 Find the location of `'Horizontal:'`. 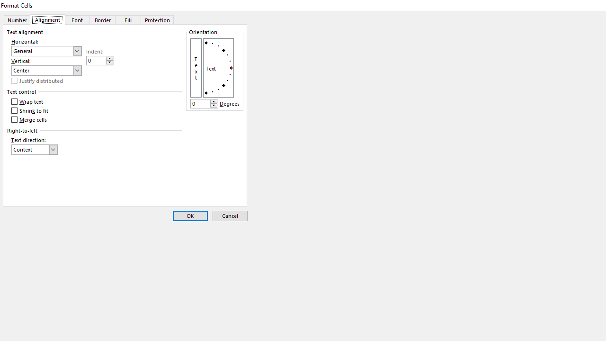

'Horizontal:' is located at coordinates (46, 51).